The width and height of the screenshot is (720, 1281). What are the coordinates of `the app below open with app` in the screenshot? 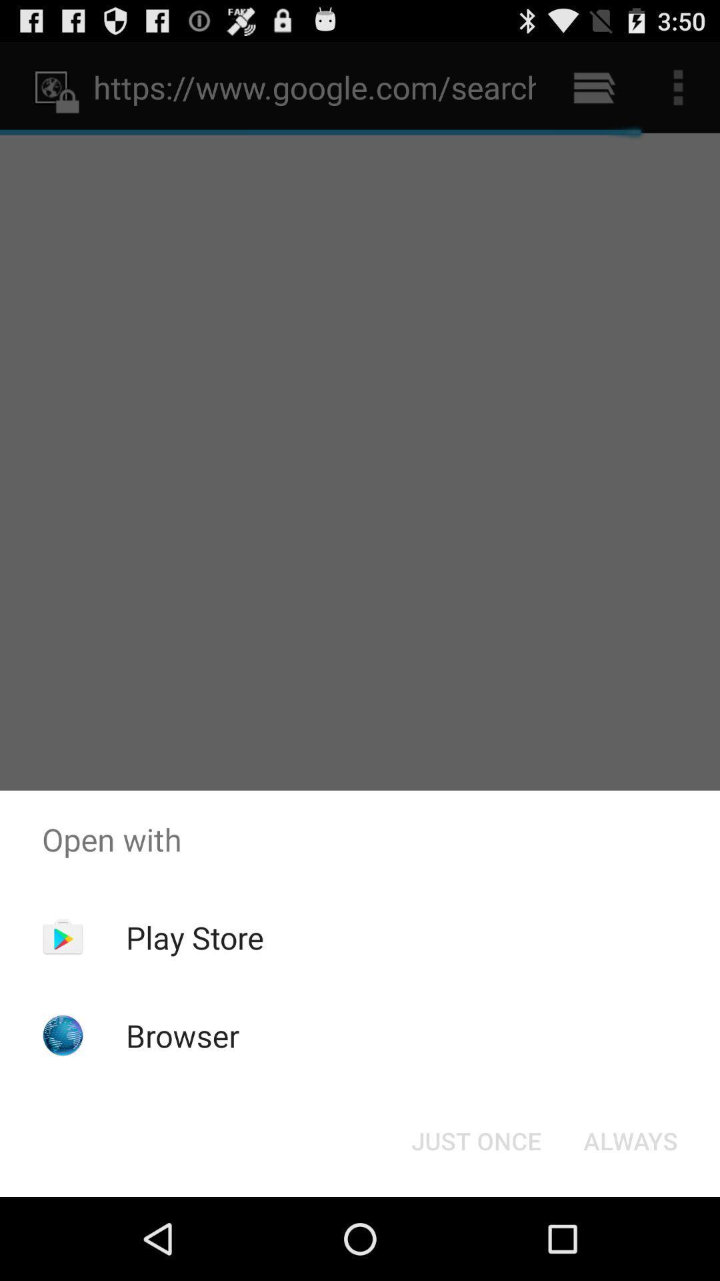 It's located at (195, 937).